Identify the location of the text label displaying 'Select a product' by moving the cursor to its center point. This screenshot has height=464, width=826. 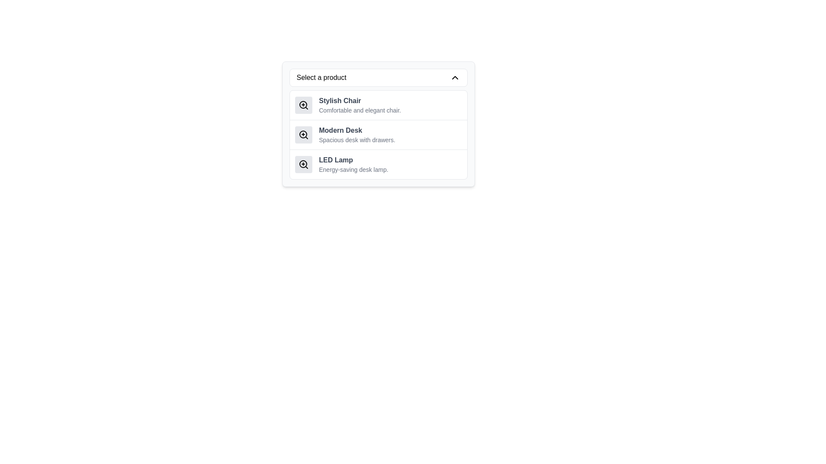
(321, 78).